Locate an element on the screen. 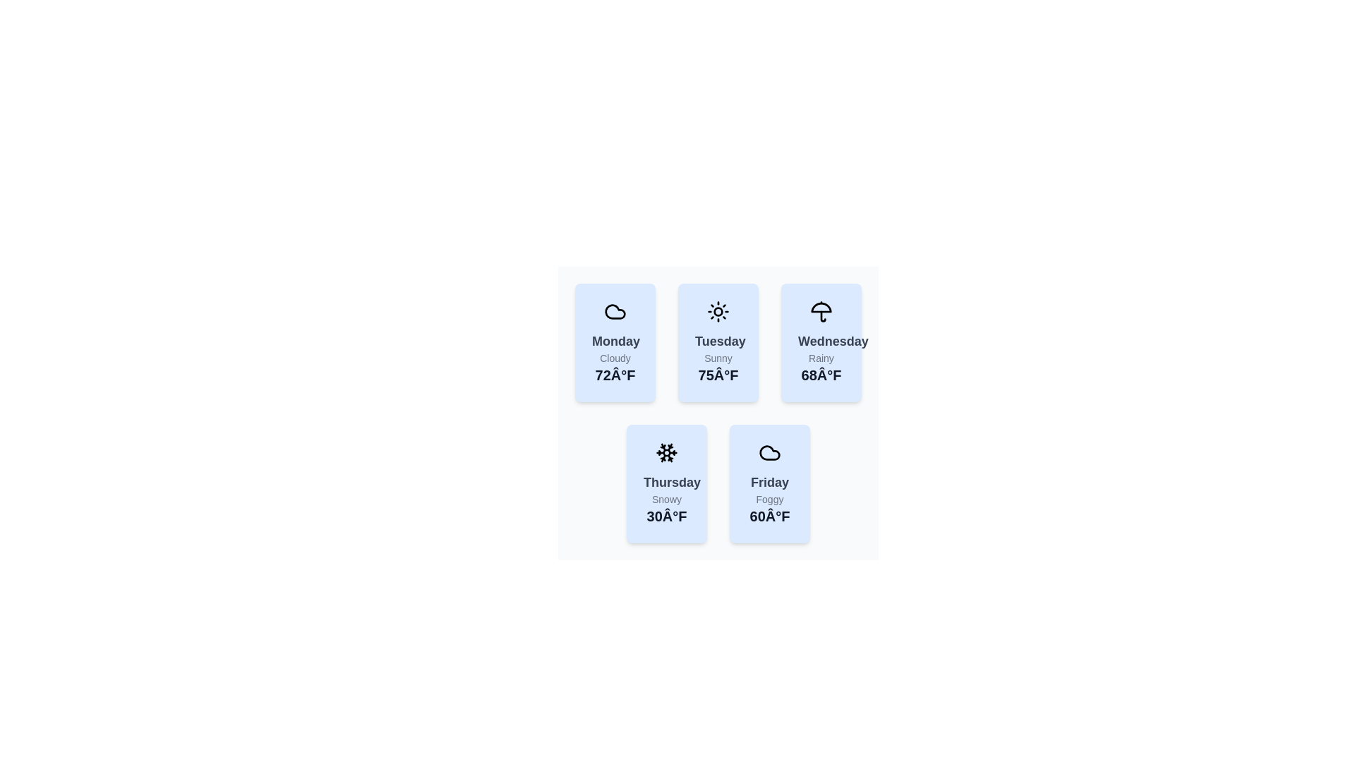  the cloud icon indicating cloudy weather conditions in the 'Monday' card located at the top row of the grid layout is located at coordinates (615, 311).